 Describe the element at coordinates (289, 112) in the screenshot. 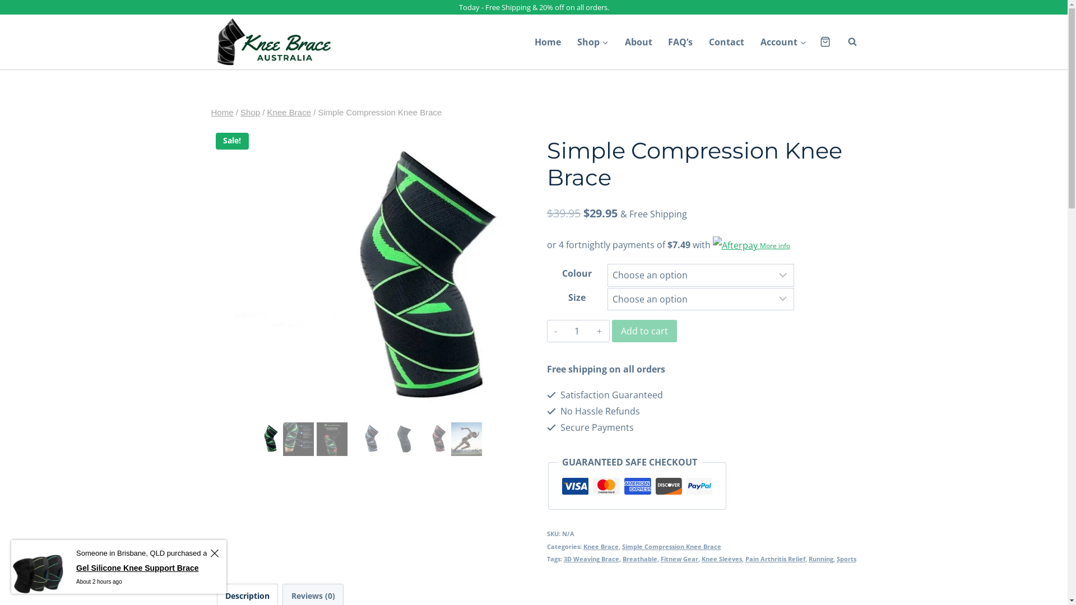

I see `'Knee Brace'` at that location.